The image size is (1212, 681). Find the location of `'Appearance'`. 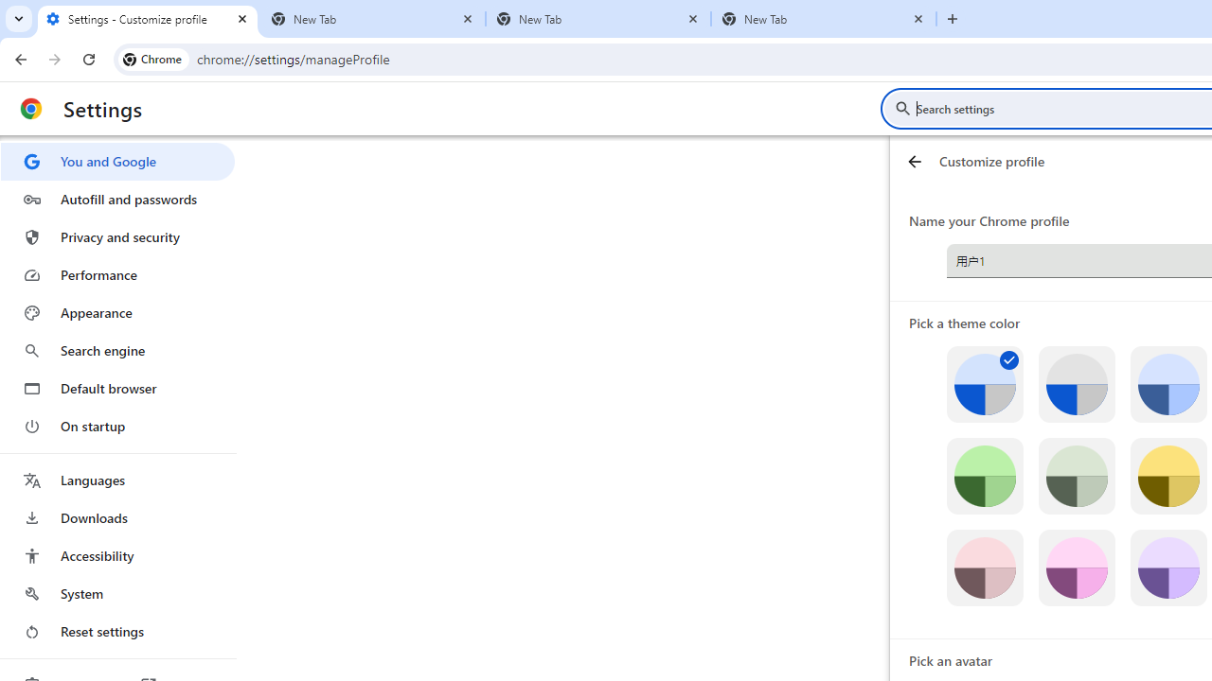

'Appearance' is located at coordinates (116, 312).